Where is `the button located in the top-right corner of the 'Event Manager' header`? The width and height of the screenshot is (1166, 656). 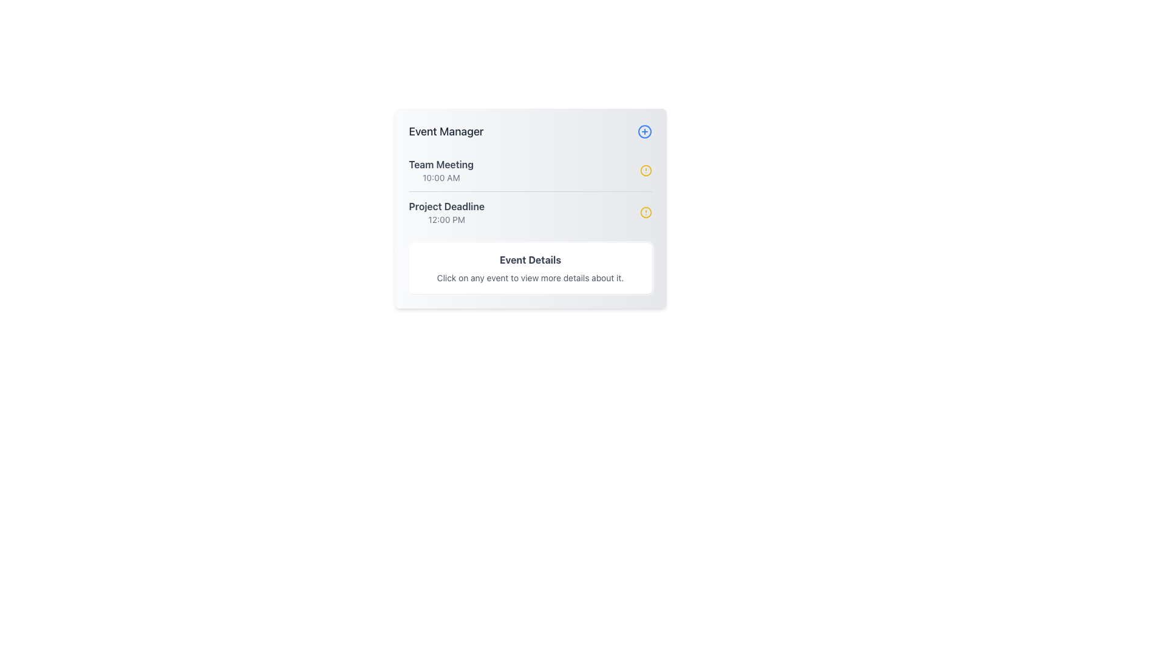
the button located in the top-right corner of the 'Event Manager' header is located at coordinates (644, 131).